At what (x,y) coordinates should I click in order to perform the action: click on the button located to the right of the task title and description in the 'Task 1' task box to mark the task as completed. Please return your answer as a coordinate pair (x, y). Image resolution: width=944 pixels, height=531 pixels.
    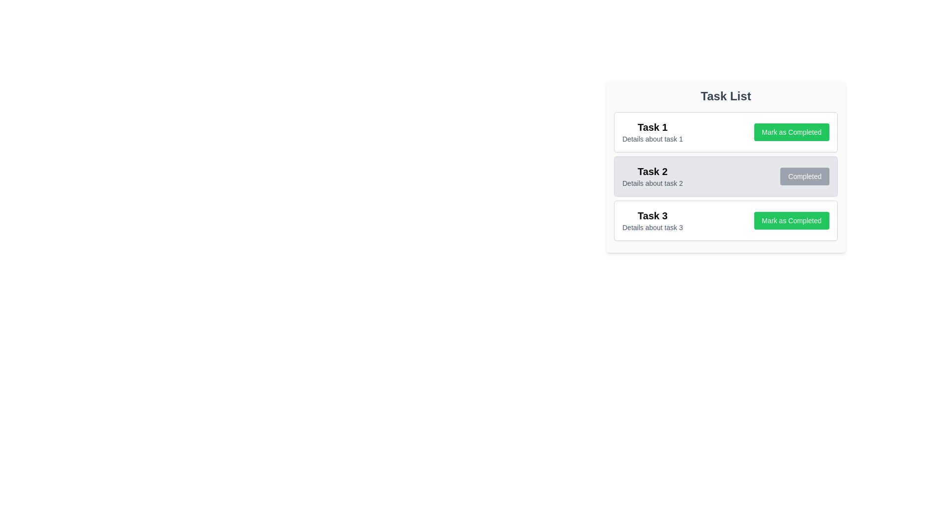
    Looking at the image, I should click on (791, 132).